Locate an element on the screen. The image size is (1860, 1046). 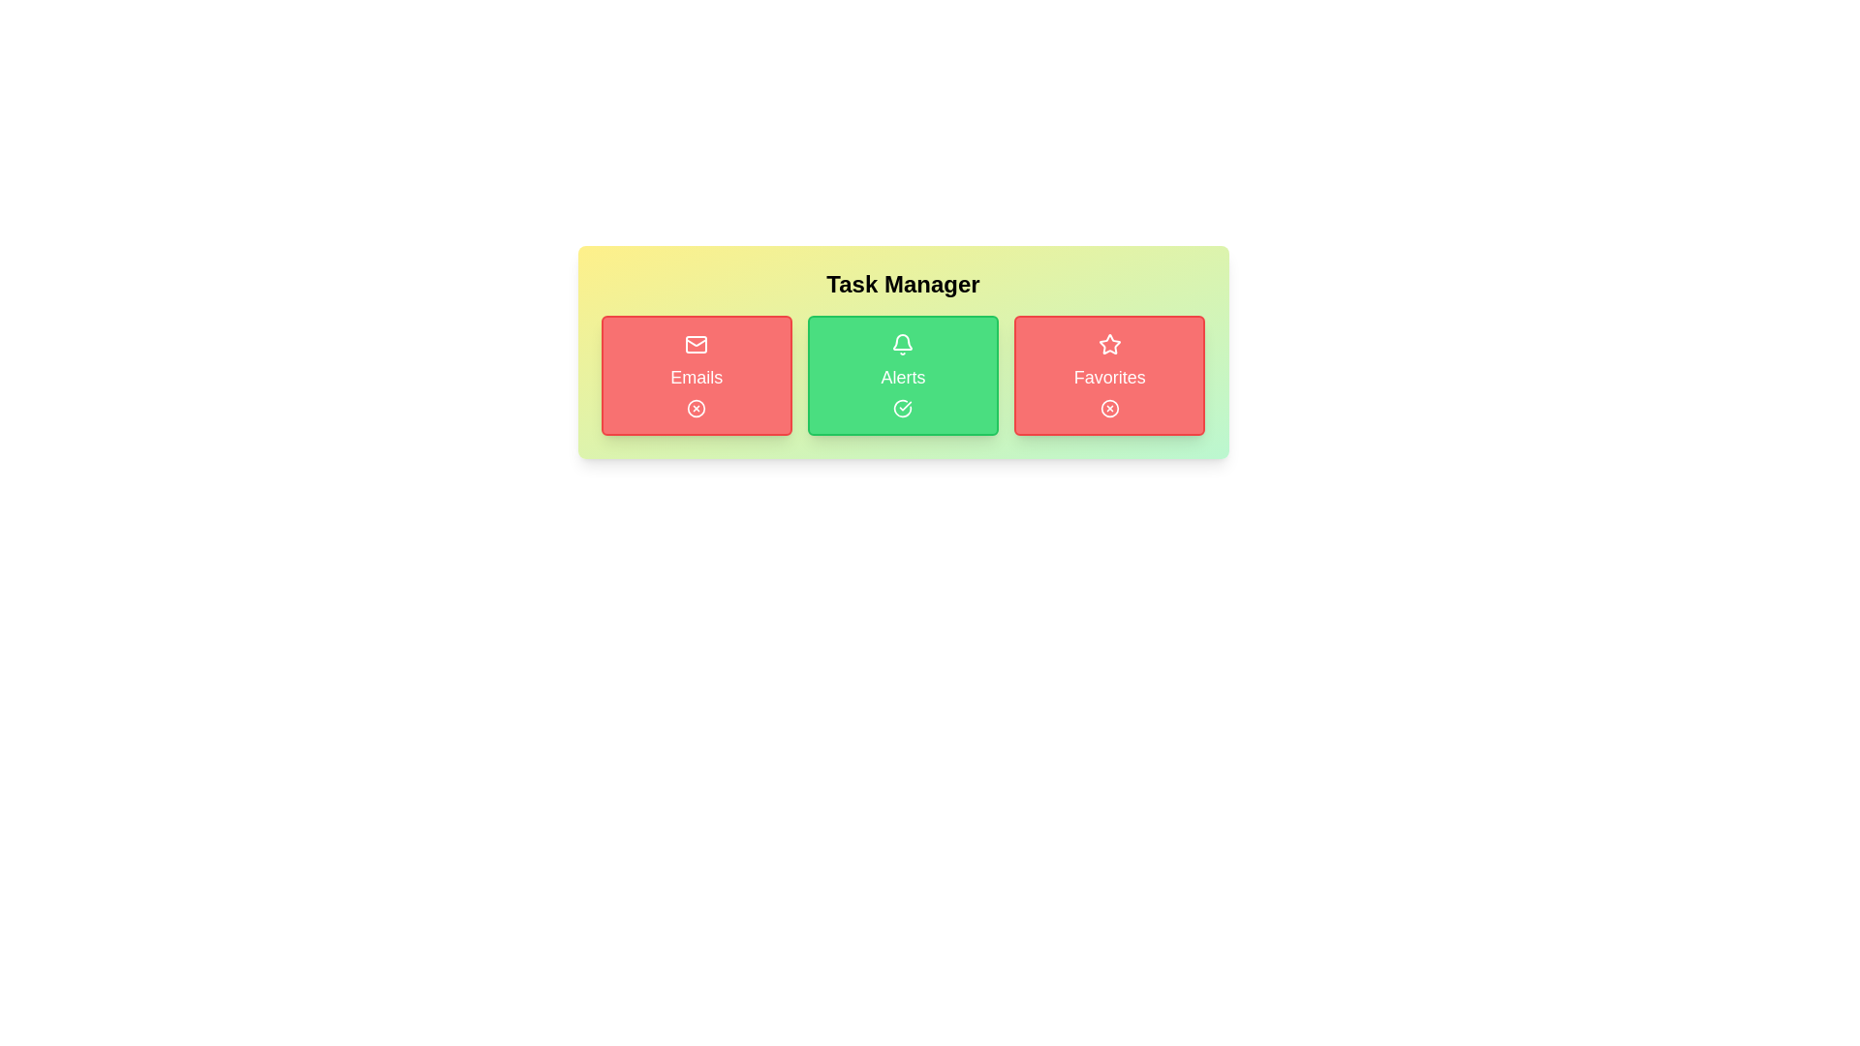
the task button labeled 'Emails' to inspect its icon is located at coordinates (697, 376).